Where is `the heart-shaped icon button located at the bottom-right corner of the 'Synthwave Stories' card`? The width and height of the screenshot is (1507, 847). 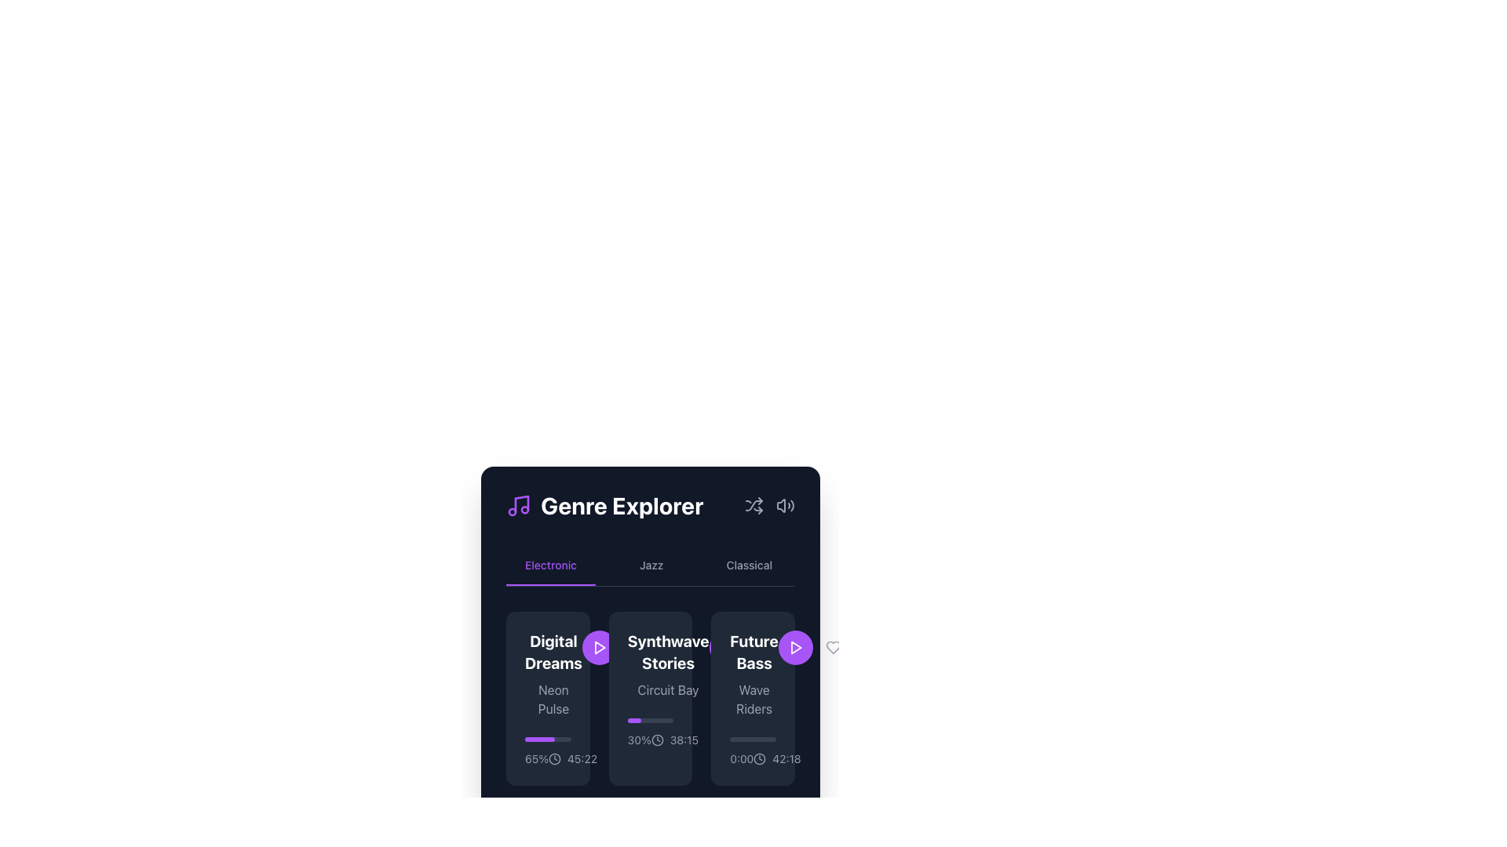 the heart-shaped icon button located at the bottom-right corner of the 'Synthwave Stories' card is located at coordinates (637, 647).